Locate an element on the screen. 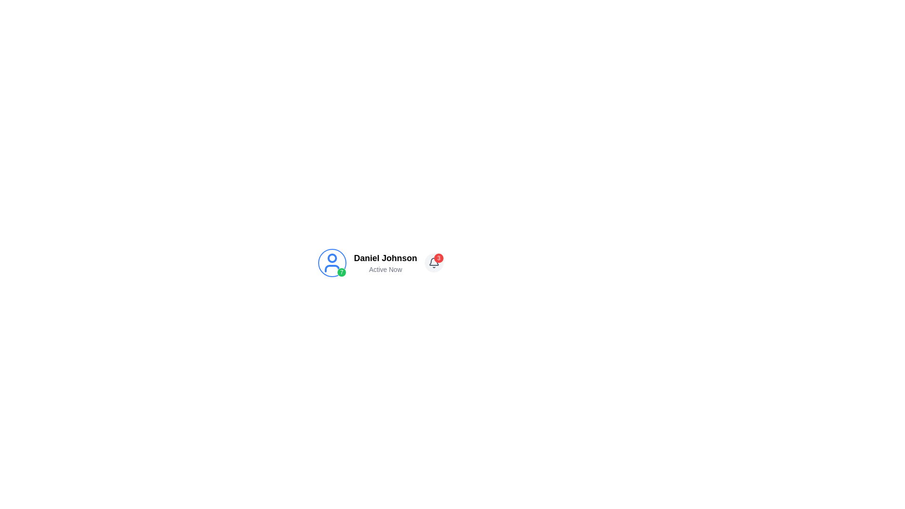 This screenshot has width=905, height=509. the text label displaying 'Daniel Johnson' with the status 'Active Now', located centrally between a profile icon and a bell icon is located at coordinates (385, 263).